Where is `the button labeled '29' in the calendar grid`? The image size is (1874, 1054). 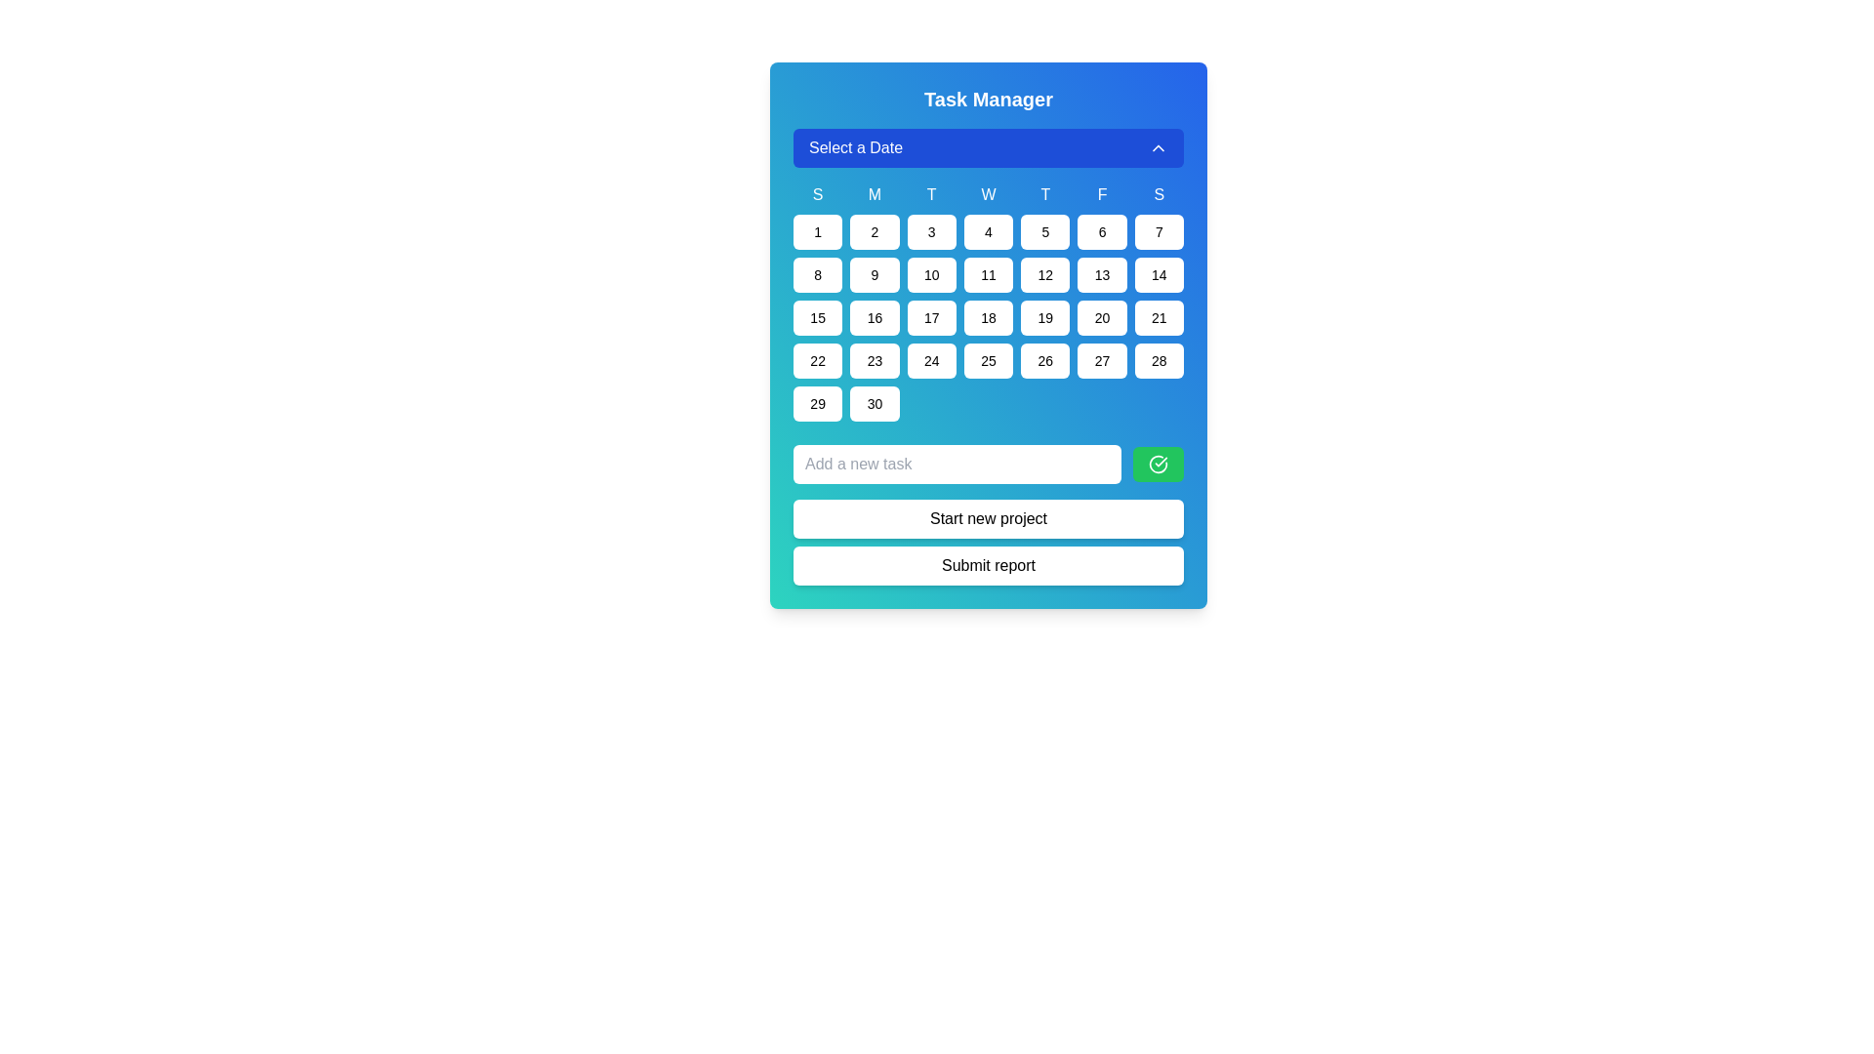
the button labeled '29' in the calendar grid is located at coordinates (818, 402).